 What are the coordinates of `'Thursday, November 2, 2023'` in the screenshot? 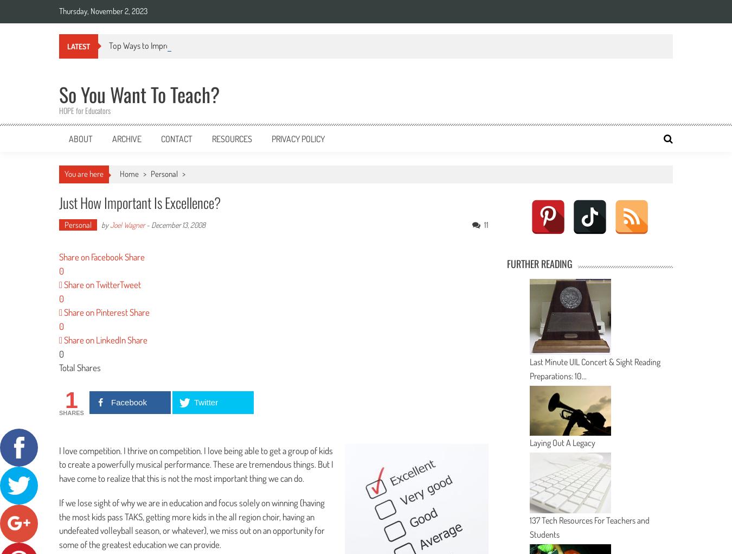 It's located at (58, 10).